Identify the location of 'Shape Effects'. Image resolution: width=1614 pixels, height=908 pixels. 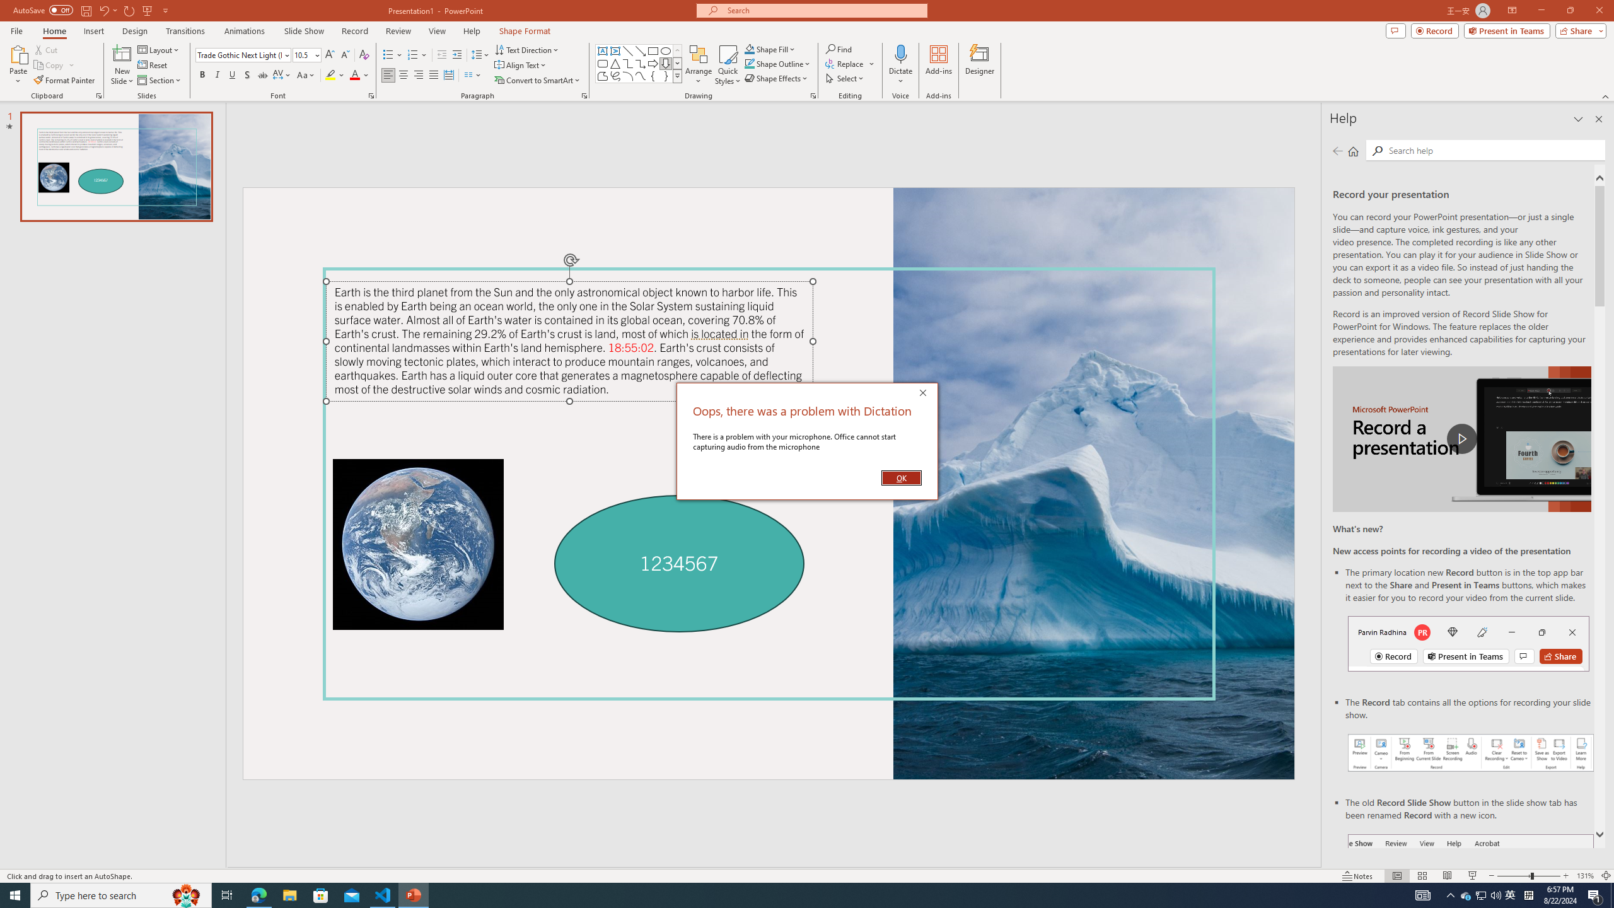
(776, 77).